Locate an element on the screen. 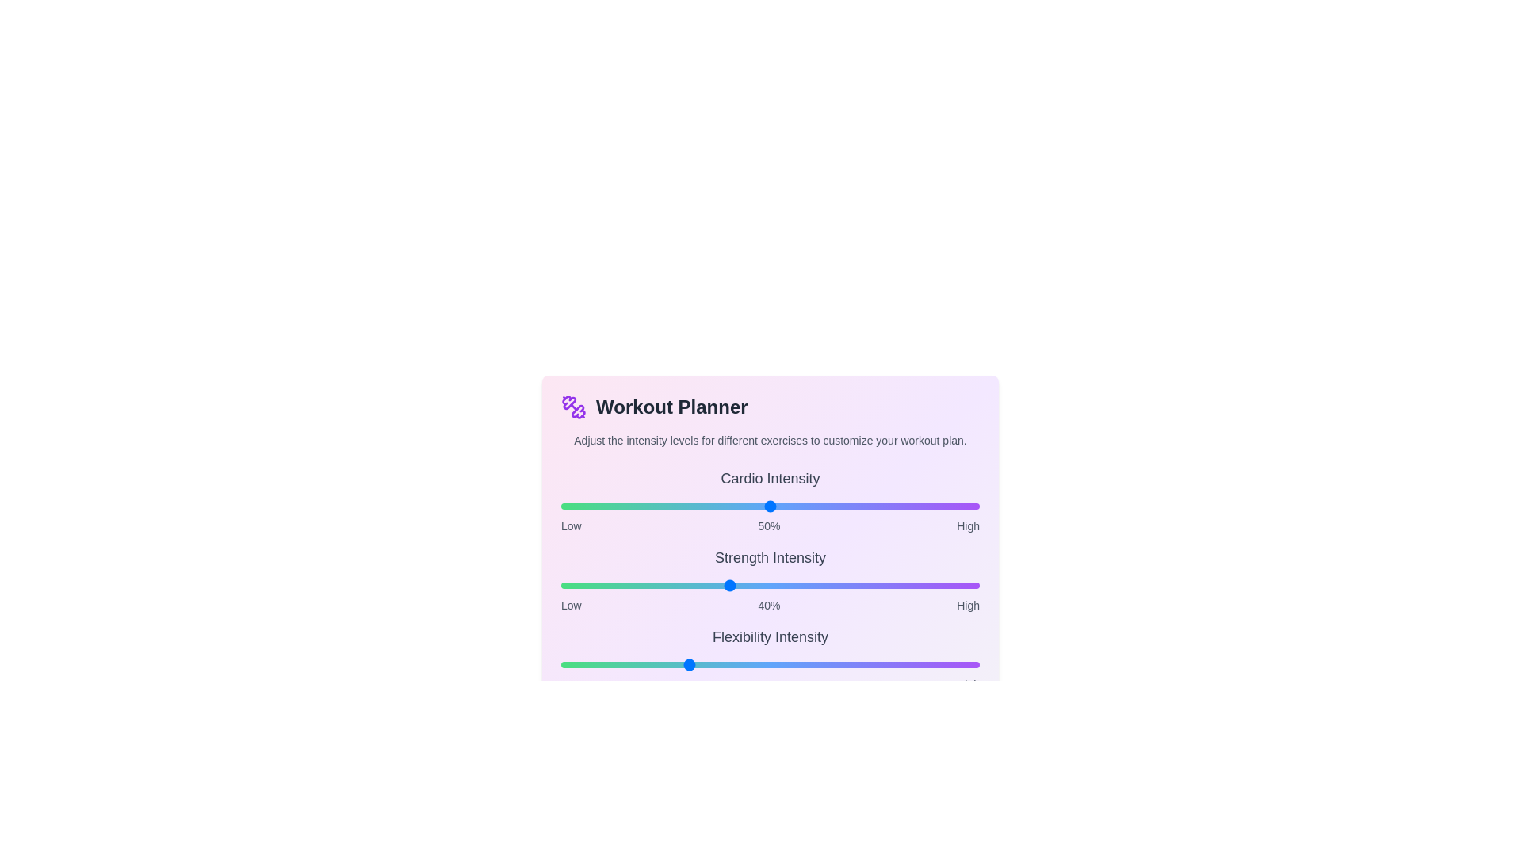 This screenshot has height=856, width=1522. the intensity of the 0 slider to 4% is located at coordinates (577, 506).